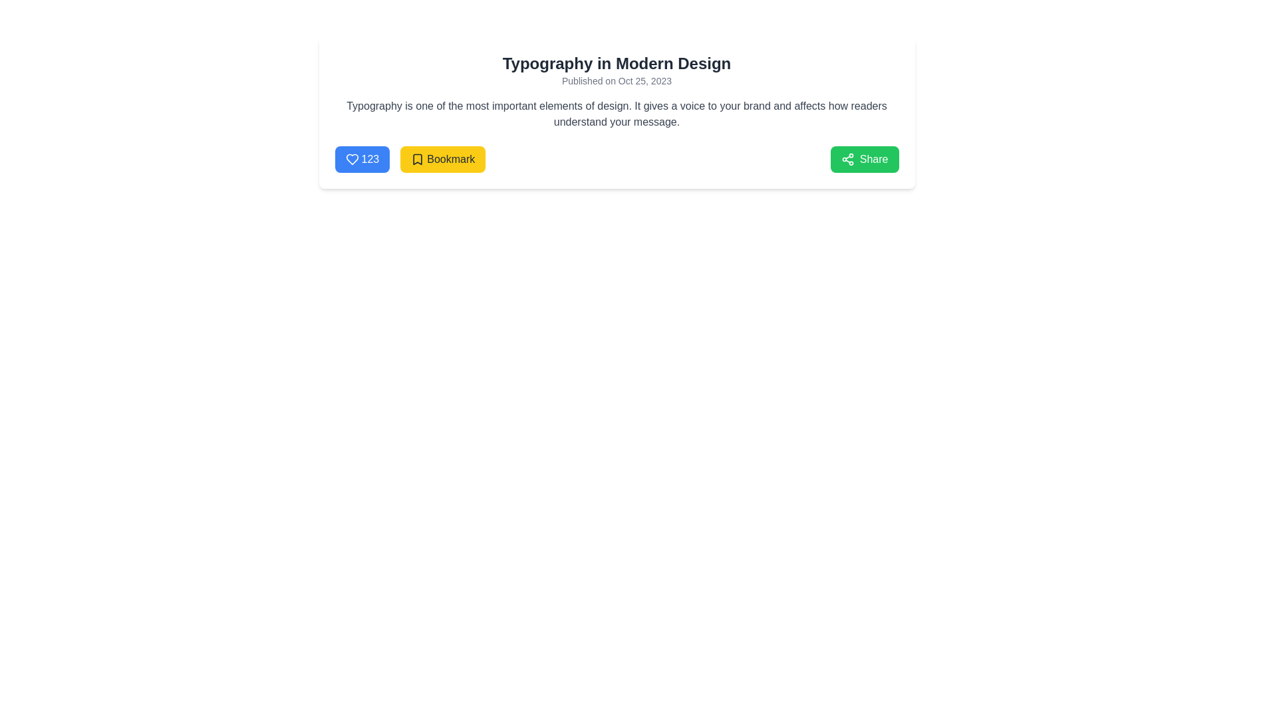 This screenshot has width=1277, height=718. What do you see at coordinates (362, 158) in the screenshot?
I see `the blue button with a white heart icon and the number '123'` at bounding box center [362, 158].